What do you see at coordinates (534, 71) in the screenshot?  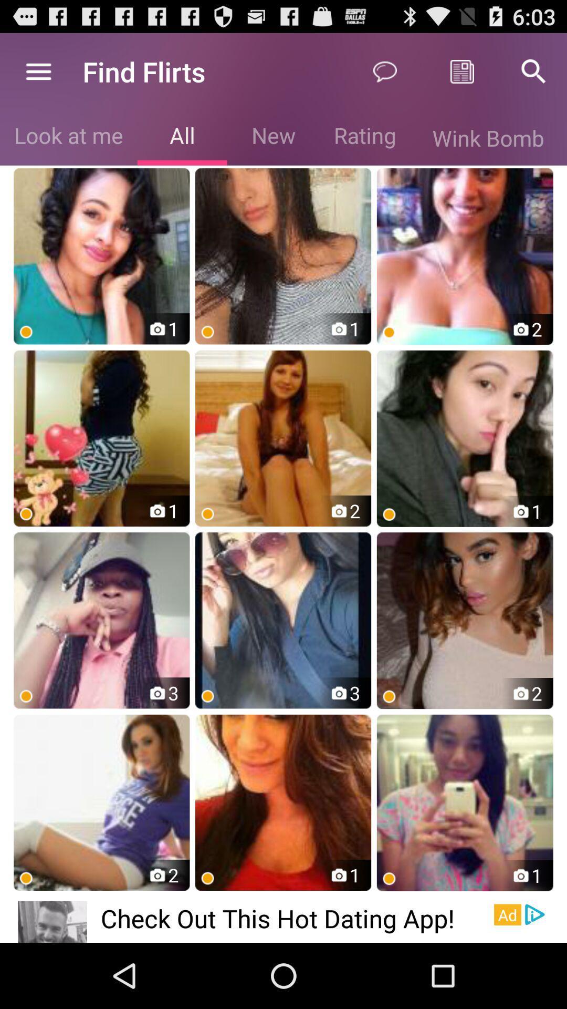 I see `icon above wink bomb icon` at bounding box center [534, 71].